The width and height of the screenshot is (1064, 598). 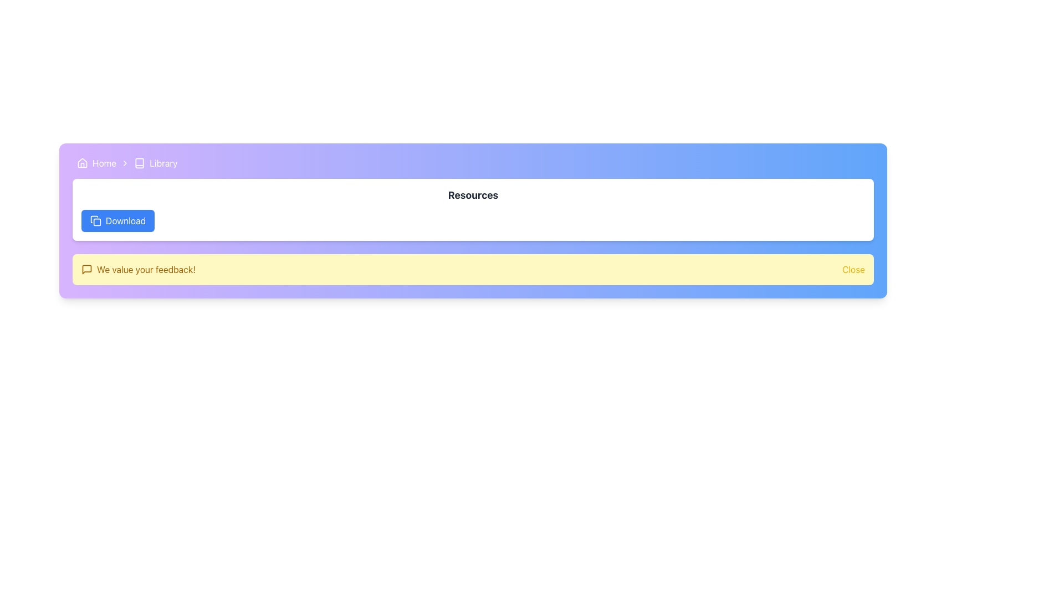 What do you see at coordinates (139, 163) in the screenshot?
I see `the 'Library' icon in the breadcrumb navigation section, which is positioned next to the 'Home' link and precedes the 'Library' link` at bounding box center [139, 163].